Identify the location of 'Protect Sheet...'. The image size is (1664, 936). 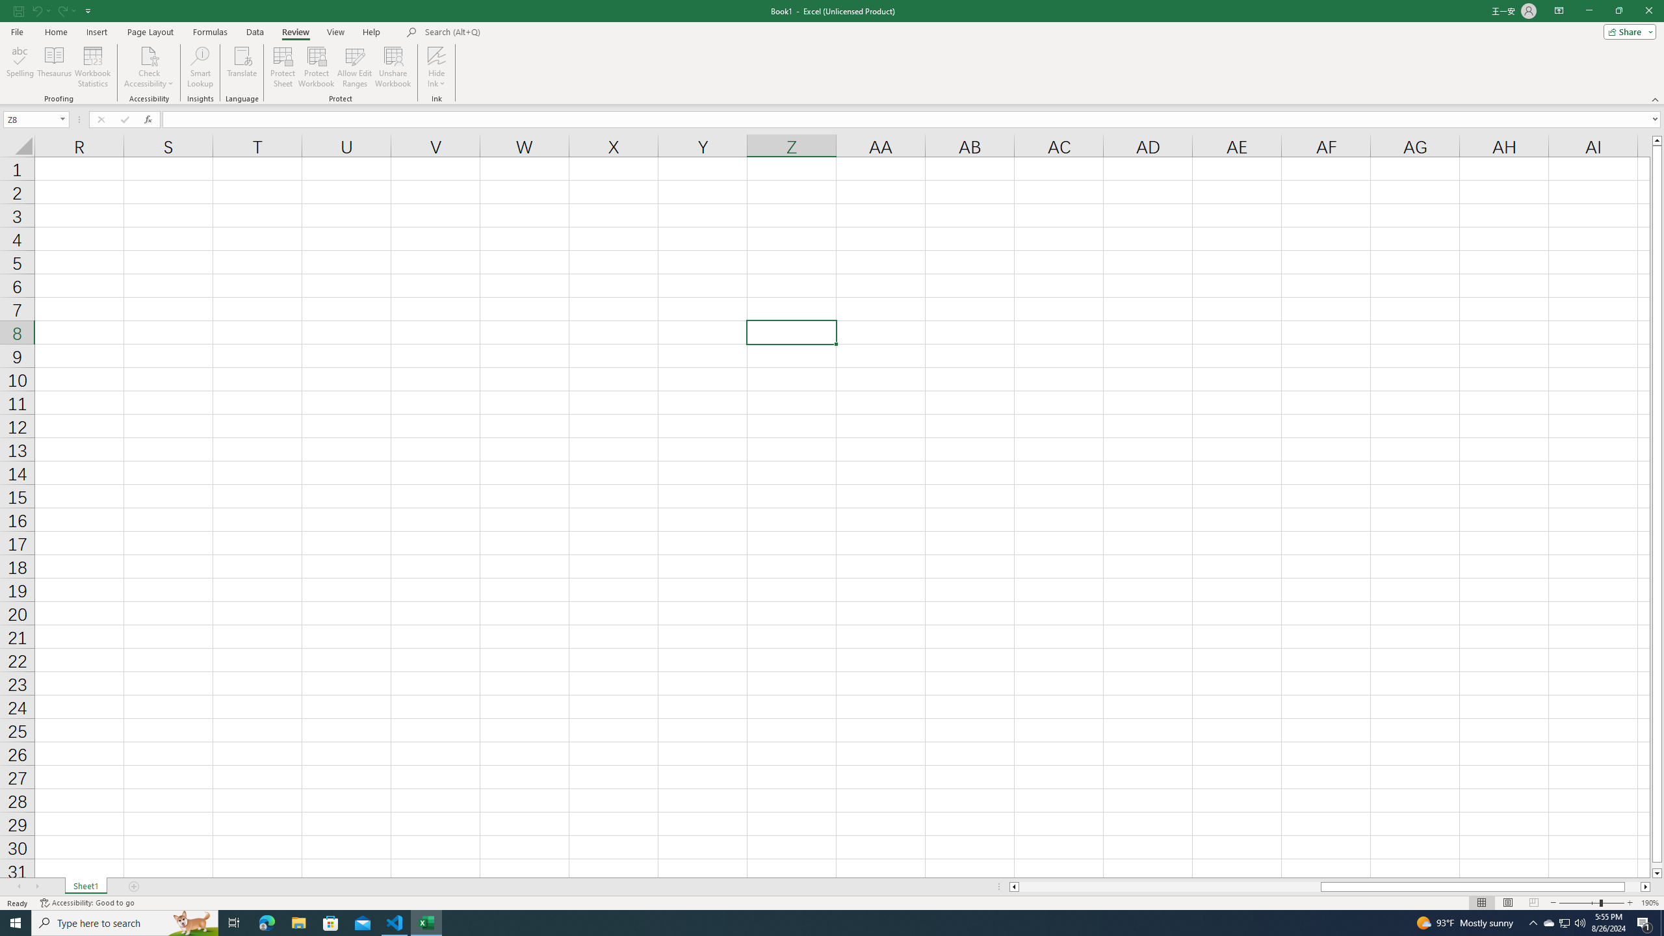
(283, 67).